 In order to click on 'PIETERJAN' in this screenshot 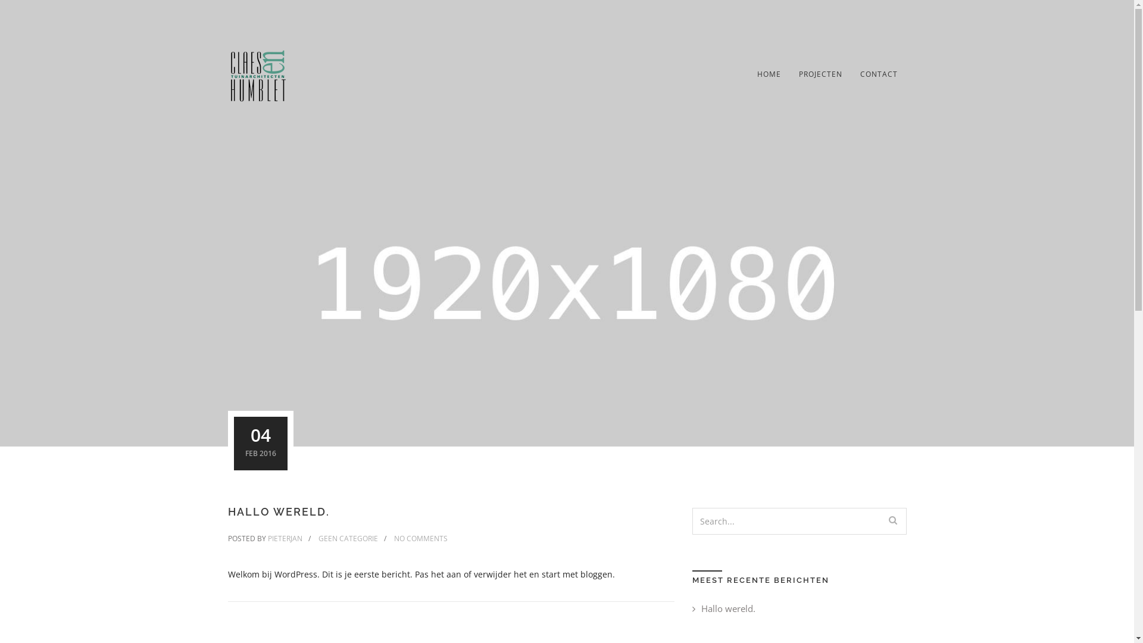, I will do `click(285, 538)`.